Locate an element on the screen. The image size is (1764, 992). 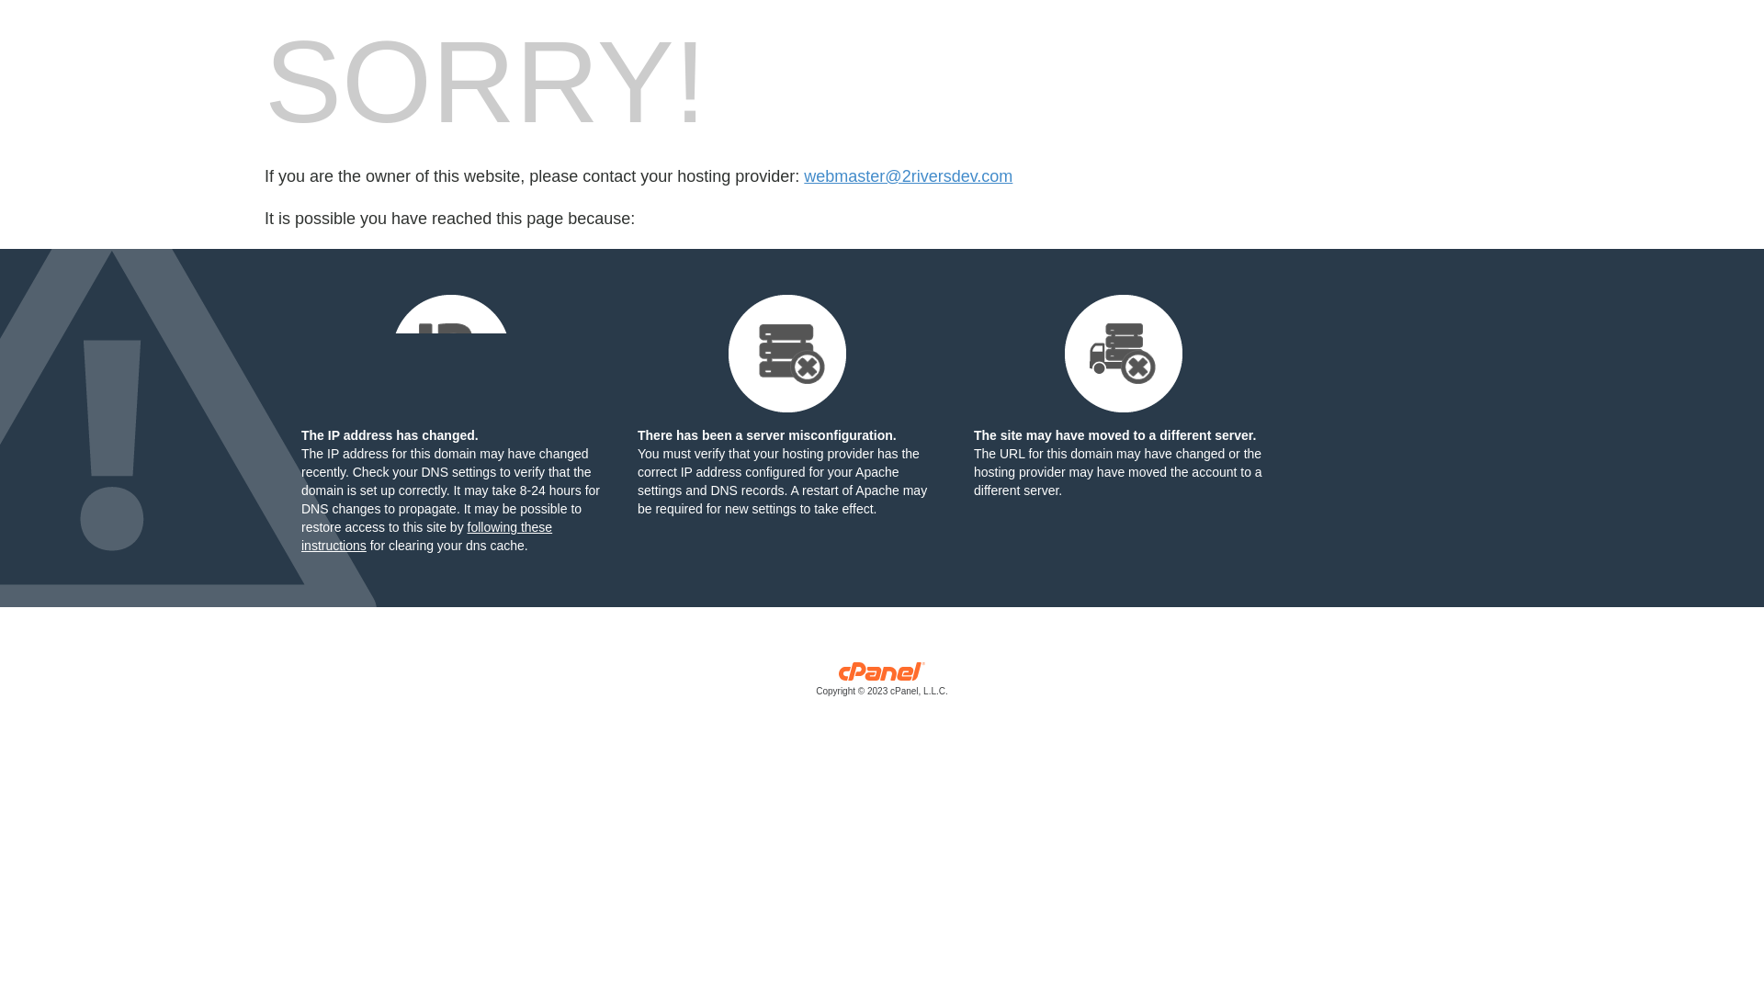
'webmaster@2riversdev.com' is located at coordinates (908, 176).